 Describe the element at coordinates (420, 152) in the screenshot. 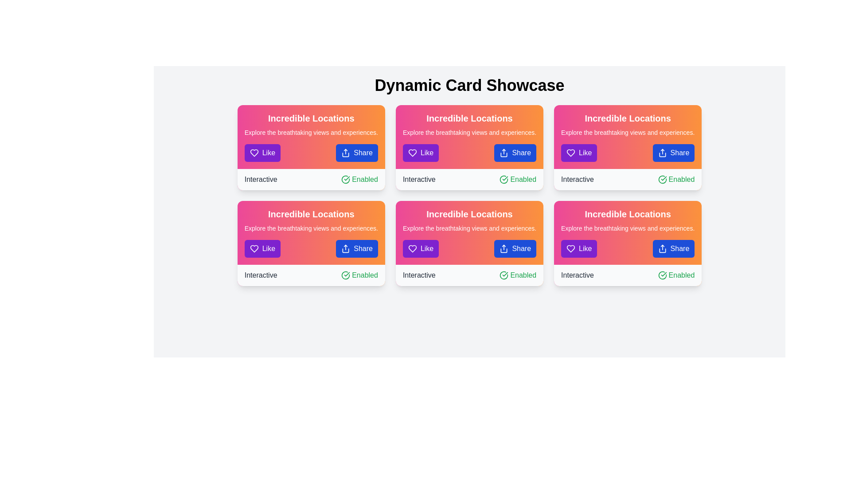

I see `the 'Like' button with a purple background and heart icon located on the top row, second card in the layout grid, to observe its visual hover state` at that location.